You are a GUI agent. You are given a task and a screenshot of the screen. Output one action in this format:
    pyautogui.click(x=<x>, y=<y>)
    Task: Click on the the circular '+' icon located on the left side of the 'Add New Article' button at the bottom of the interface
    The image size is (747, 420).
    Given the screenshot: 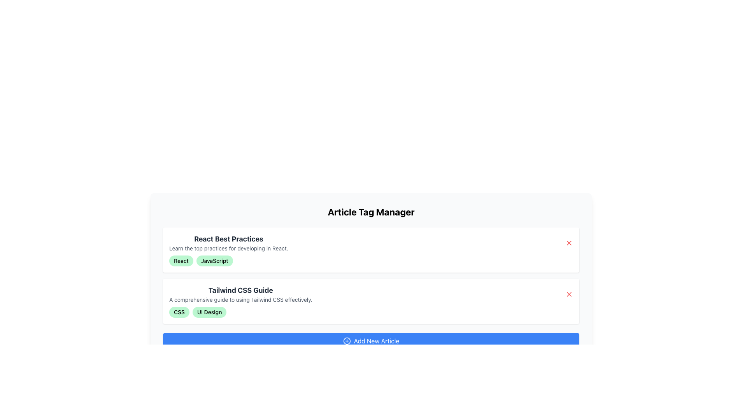 What is the action you would take?
    pyautogui.click(x=346, y=340)
    